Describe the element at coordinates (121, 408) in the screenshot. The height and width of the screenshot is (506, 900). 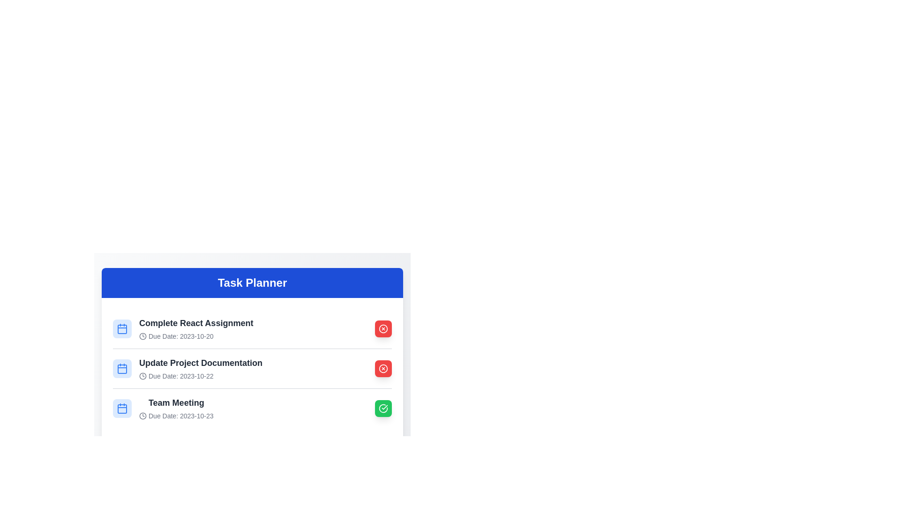
I see `the calendar icon located to the left of the text 'Team Meeting' in the third list item of the 'Task Planner' section` at that location.